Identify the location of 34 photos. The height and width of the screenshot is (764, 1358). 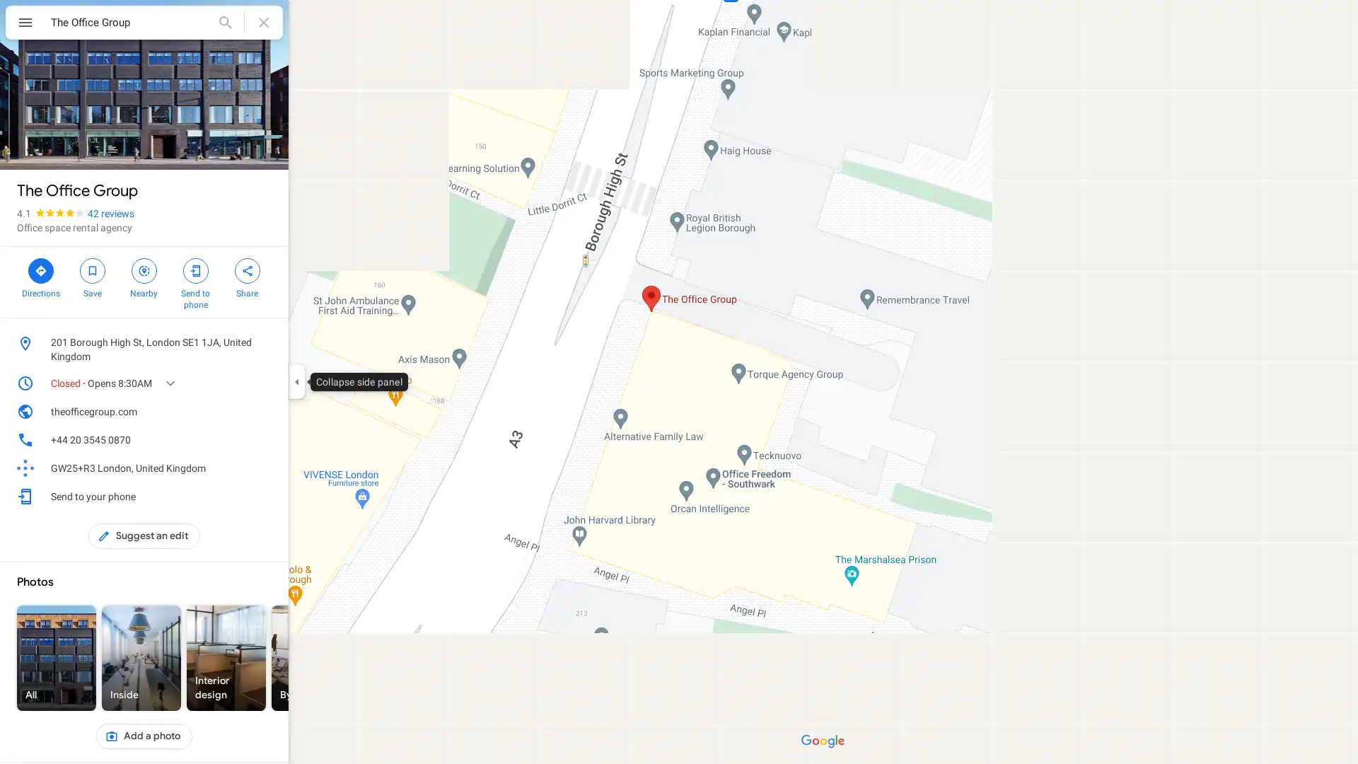
(51, 146).